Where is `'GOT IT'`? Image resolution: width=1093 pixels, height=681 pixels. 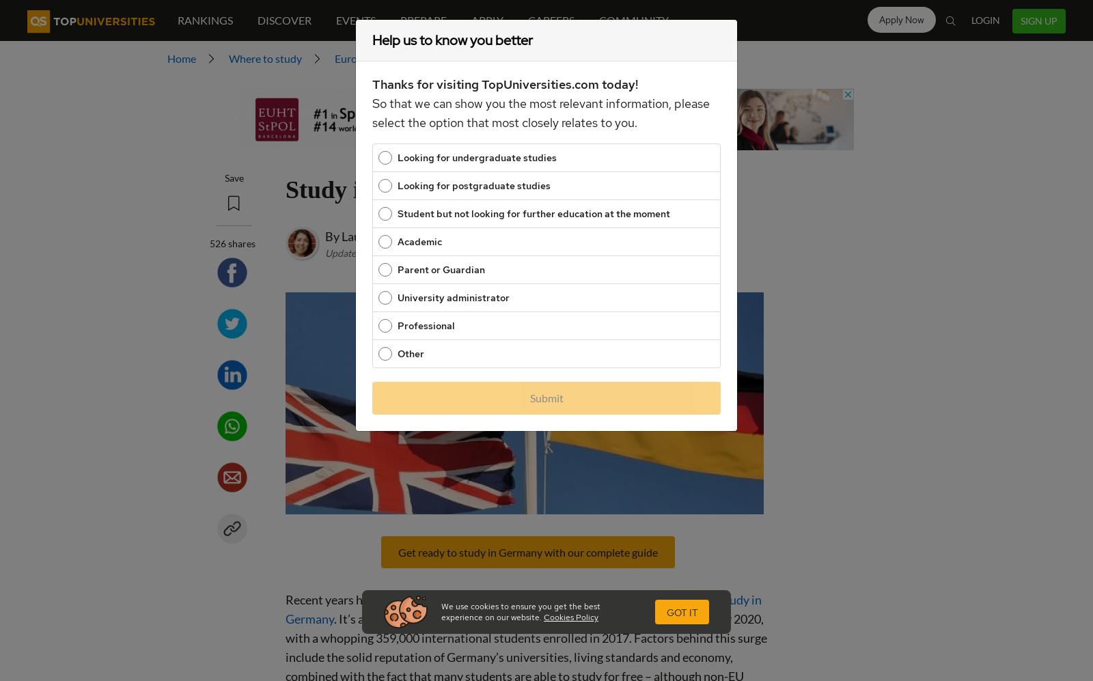
'GOT IT' is located at coordinates (682, 612).